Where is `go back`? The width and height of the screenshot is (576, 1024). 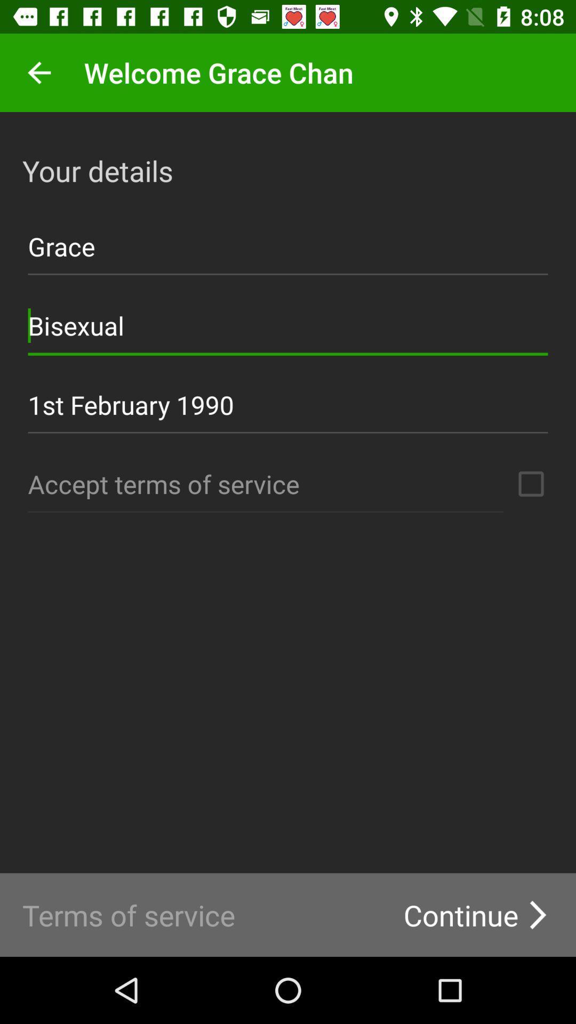
go back is located at coordinates (38, 72).